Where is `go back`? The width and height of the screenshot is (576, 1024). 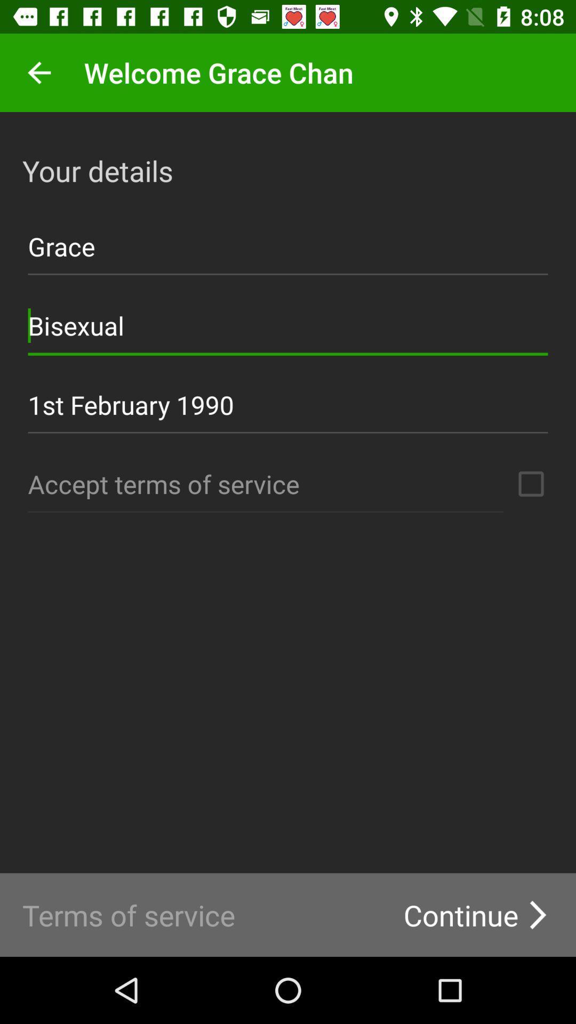
go back is located at coordinates (38, 72).